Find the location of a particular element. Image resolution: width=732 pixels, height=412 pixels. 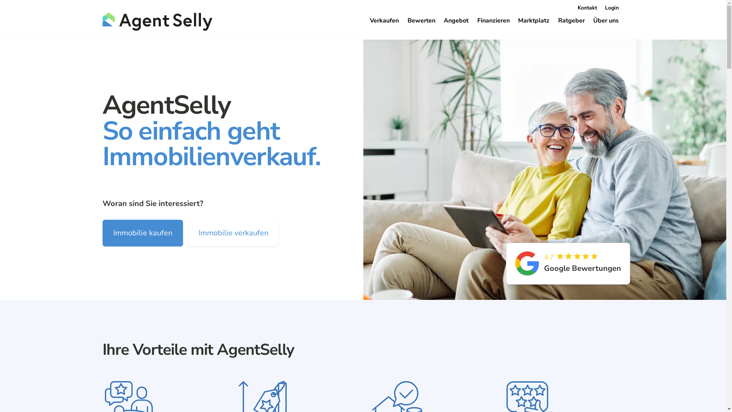

'Finanzieren' is located at coordinates (477, 20).